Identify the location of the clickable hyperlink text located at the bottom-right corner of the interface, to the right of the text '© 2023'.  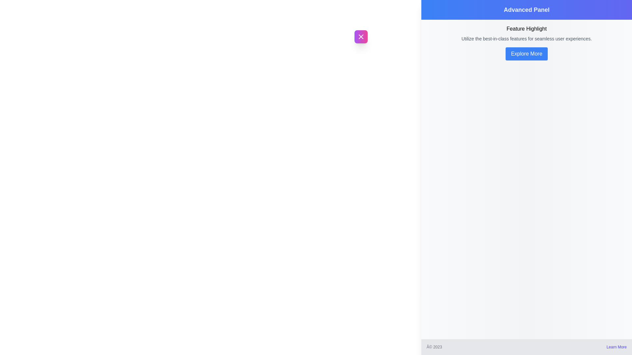
(616, 347).